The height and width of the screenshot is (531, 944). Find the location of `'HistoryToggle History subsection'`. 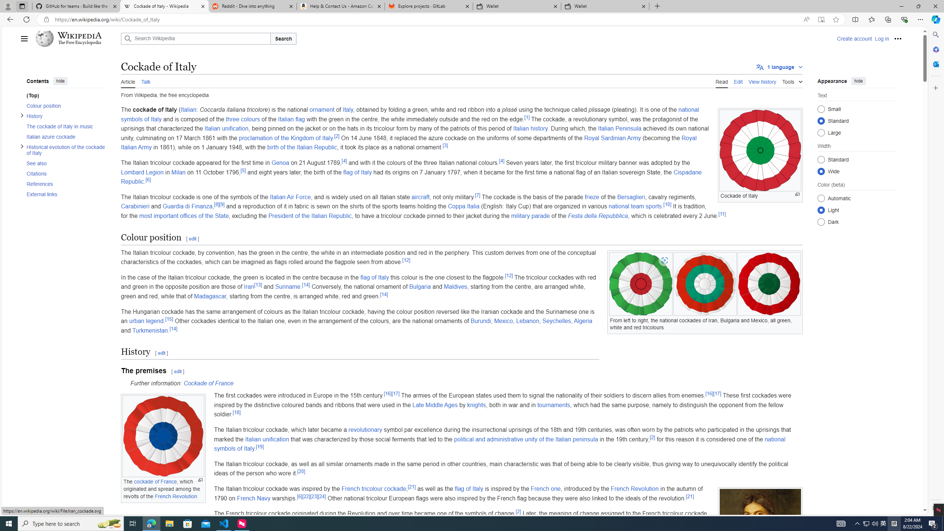

'HistoryToggle History subsection' is located at coordinates (63, 115).